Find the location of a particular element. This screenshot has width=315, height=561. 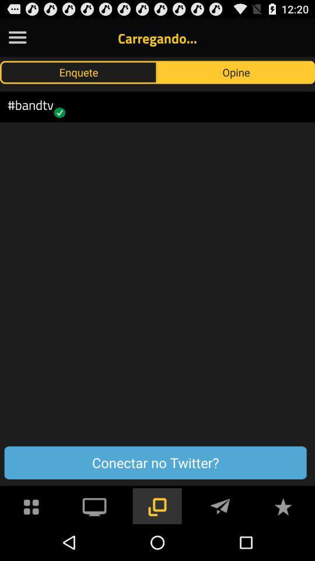

the opine icon is located at coordinates (236, 71).